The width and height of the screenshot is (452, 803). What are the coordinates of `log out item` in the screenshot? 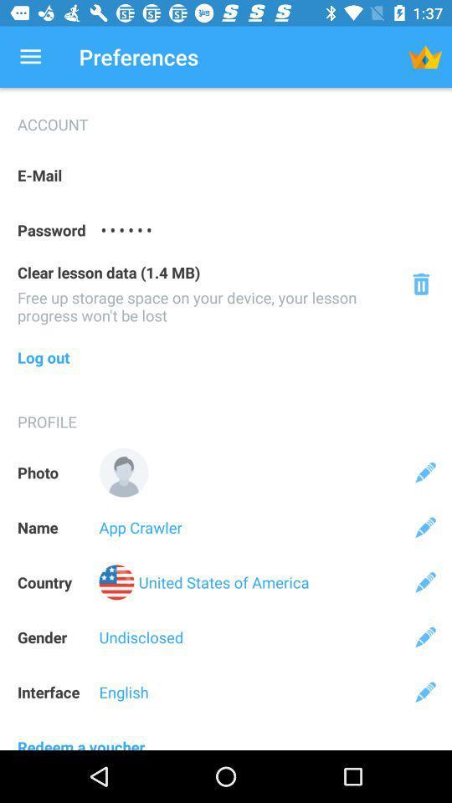 It's located at (226, 357).